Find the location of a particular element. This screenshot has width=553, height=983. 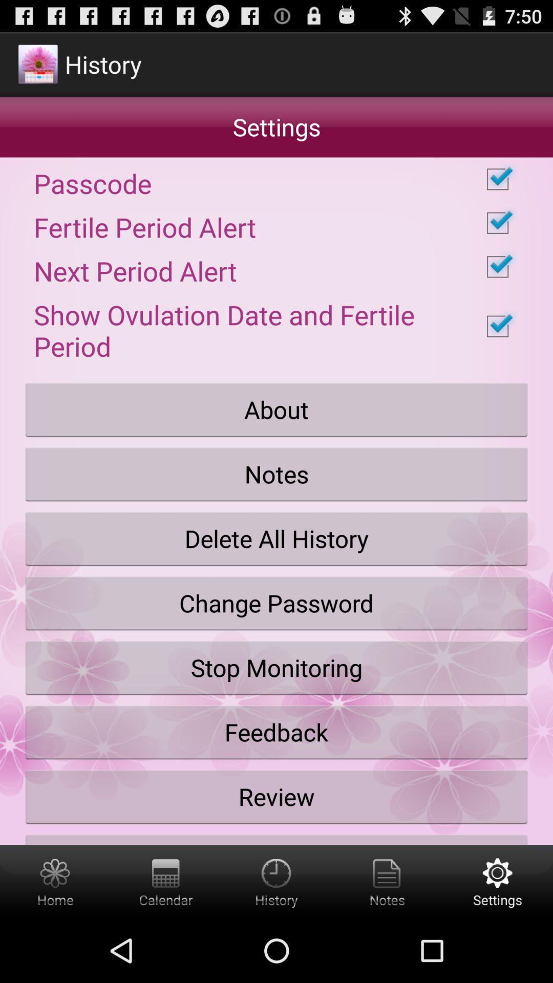

the item below show ovulation date checkbox is located at coordinates (276, 410).